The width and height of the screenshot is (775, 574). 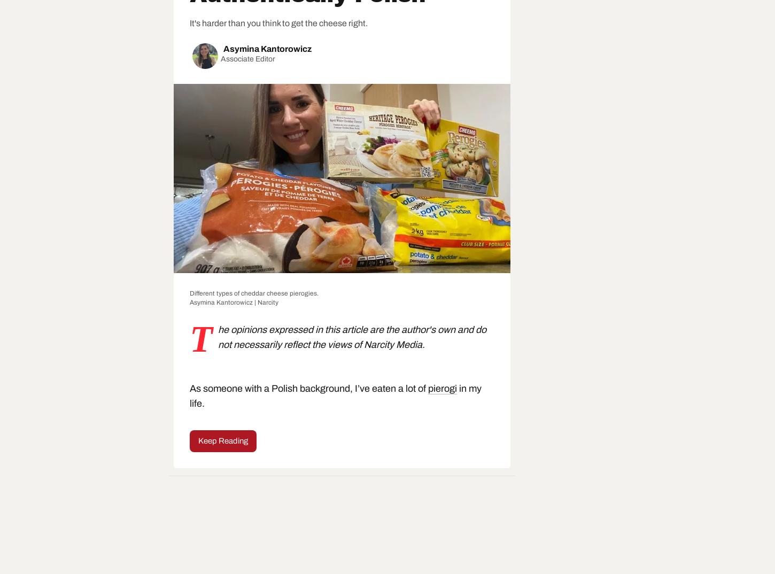 I want to click on 'Keep Reading', so click(x=222, y=440).